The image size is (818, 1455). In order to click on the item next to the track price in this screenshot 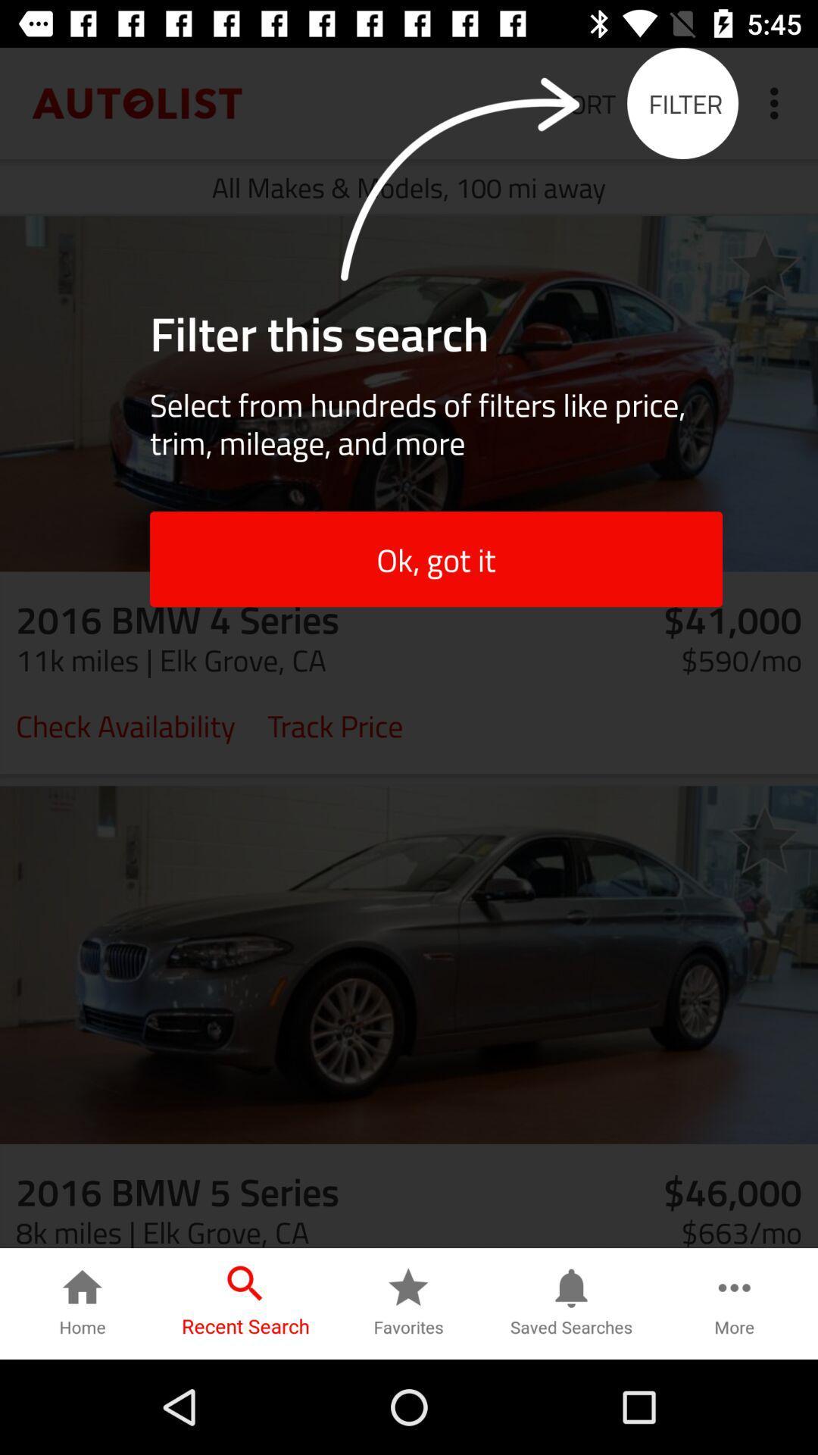, I will do `click(125, 724)`.